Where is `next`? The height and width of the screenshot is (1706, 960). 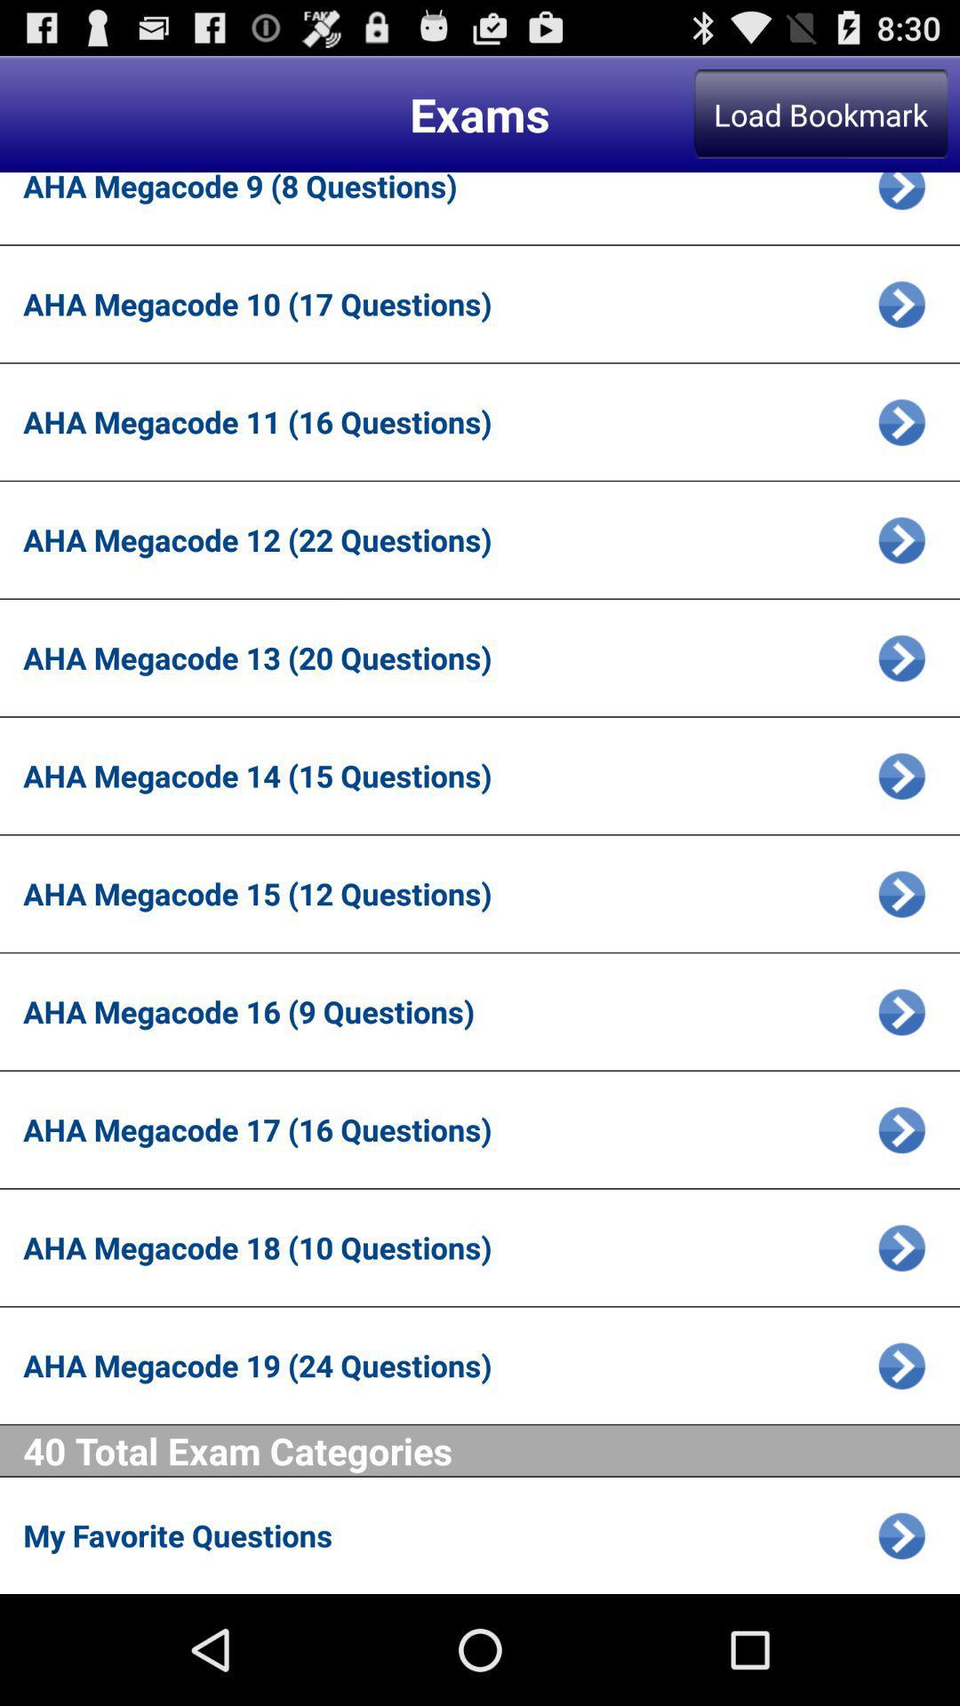 next is located at coordinates (901, 1535).